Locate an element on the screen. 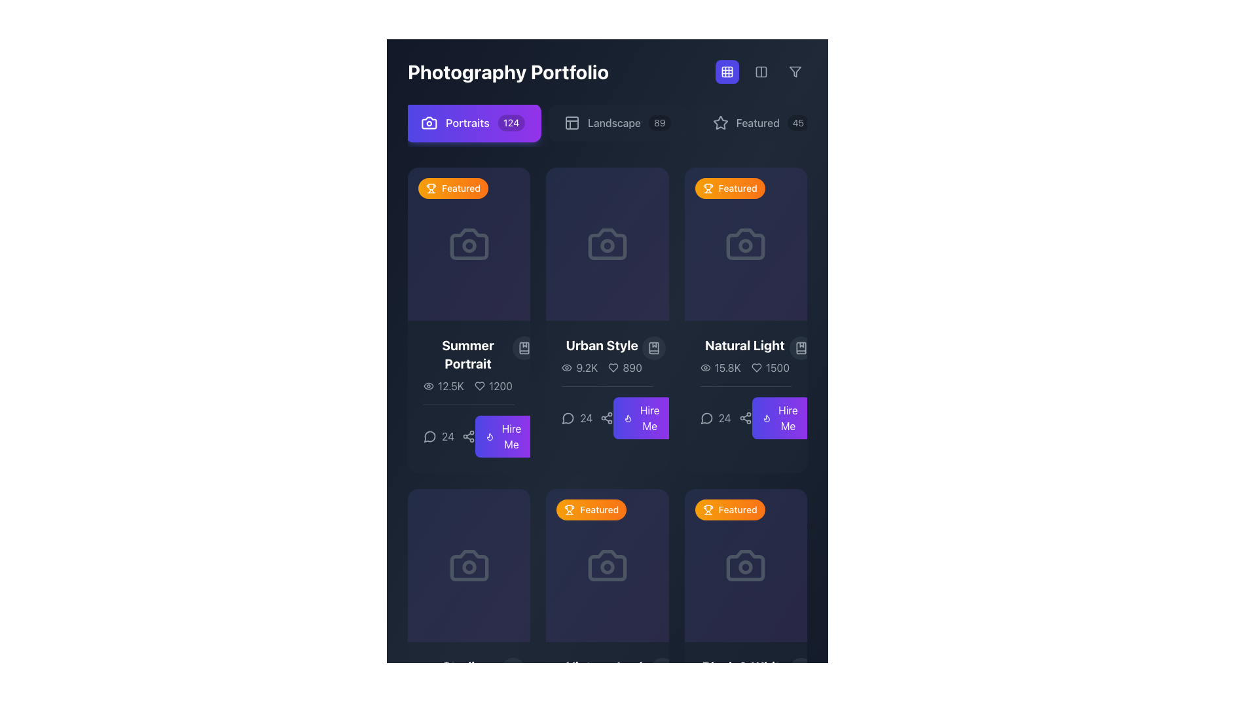  the Static text heading at the topmost section of the application, which serves as the title or heading for the interface is located at coordinates (606, 72).